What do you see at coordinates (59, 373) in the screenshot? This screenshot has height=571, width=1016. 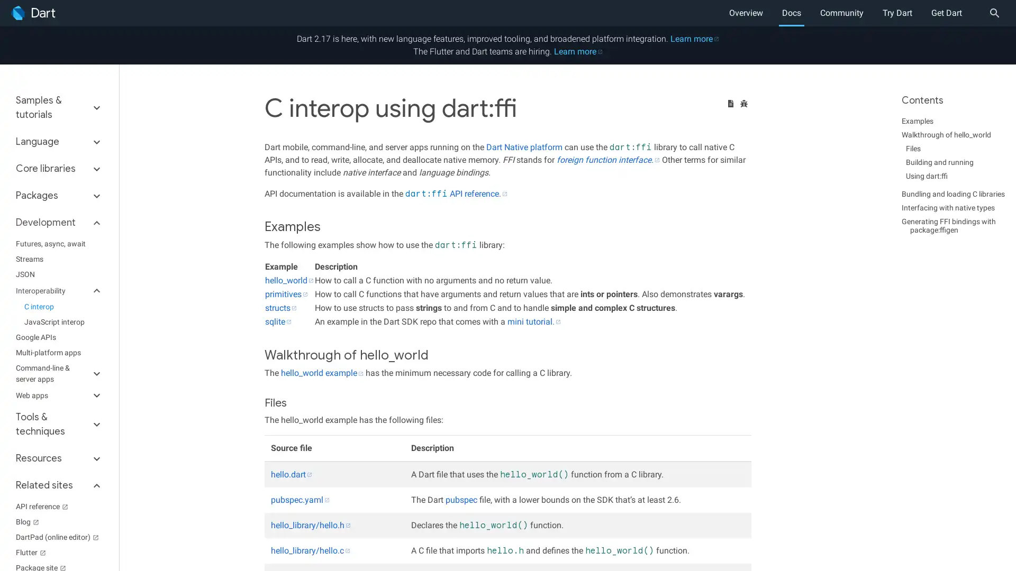 I see `Command-line & server apps keyboard_arrow_down` at bounding box center [59, 373].